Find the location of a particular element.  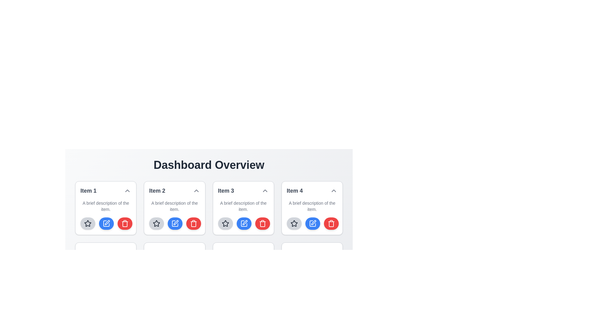

the blue circular icon button depicting a pen in the edit section of the control panel for Item 3 is located at coordinates (244, 223).